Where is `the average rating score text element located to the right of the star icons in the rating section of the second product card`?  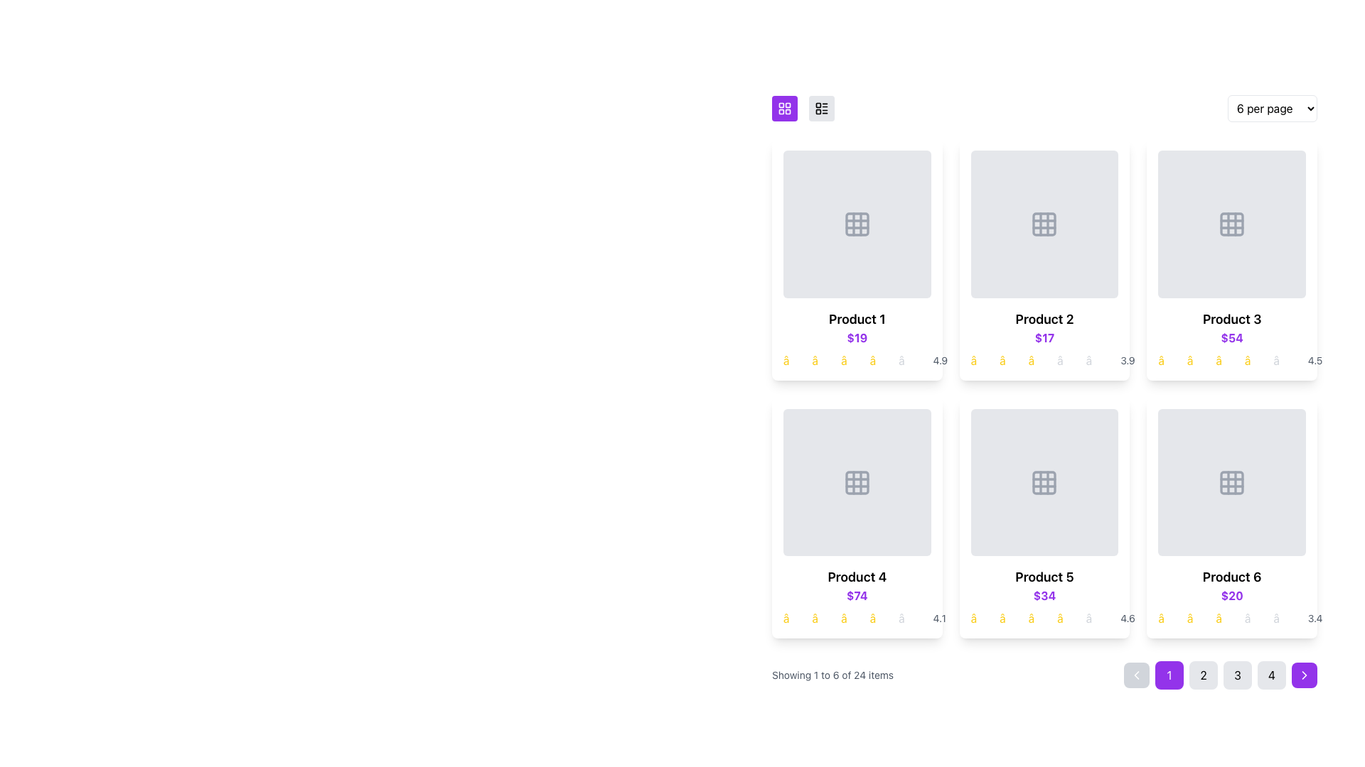
the average rating score text element located to the right of the star icons in the rating section of the second product card is located at coordinates (1127, 359).